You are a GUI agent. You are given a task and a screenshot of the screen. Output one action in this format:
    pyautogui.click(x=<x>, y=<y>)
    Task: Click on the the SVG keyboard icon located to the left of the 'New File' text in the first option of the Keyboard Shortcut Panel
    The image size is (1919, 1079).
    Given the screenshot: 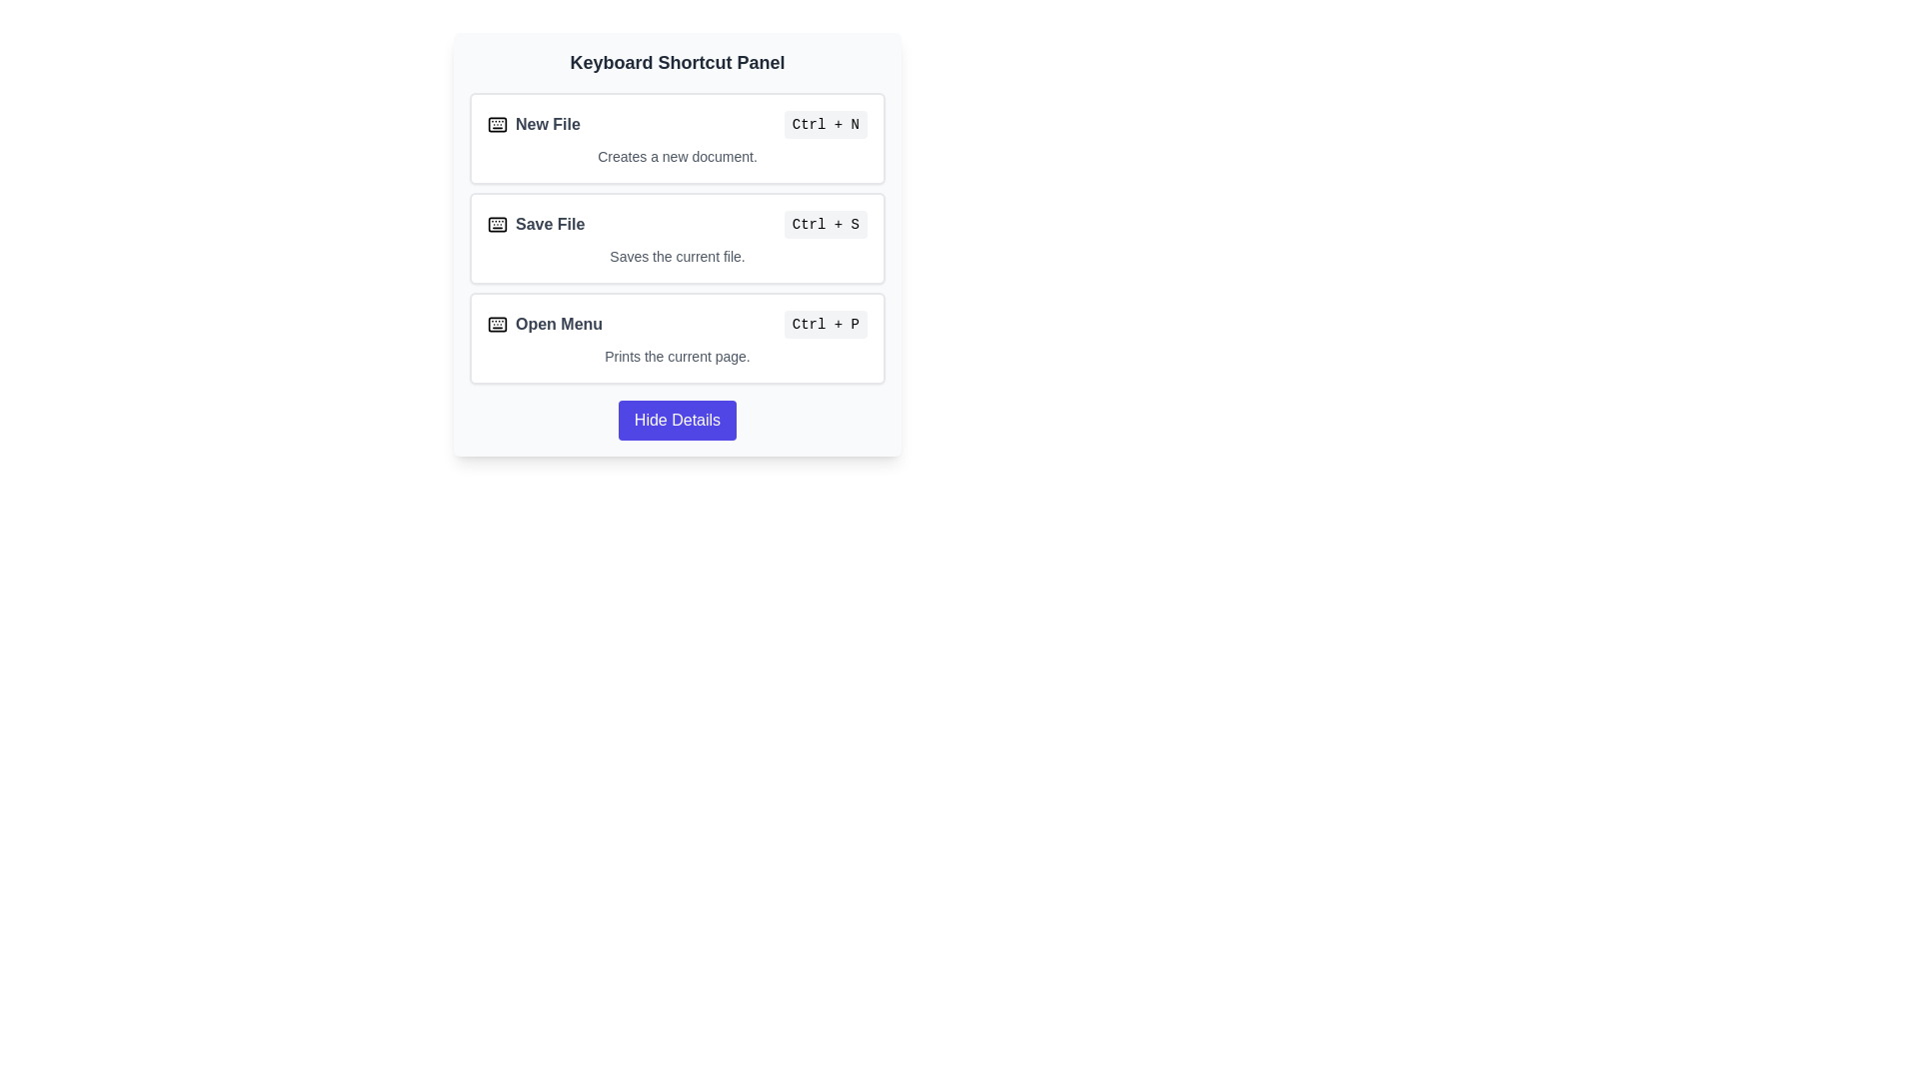 What is the action you would take?
    pyautogui.click(x=498, y=124)
    